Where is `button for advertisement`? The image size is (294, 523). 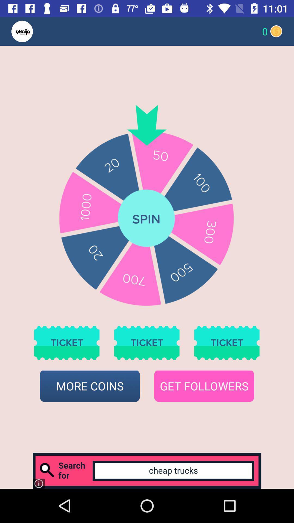
button for advertisement is located at coordinates (147, 470).